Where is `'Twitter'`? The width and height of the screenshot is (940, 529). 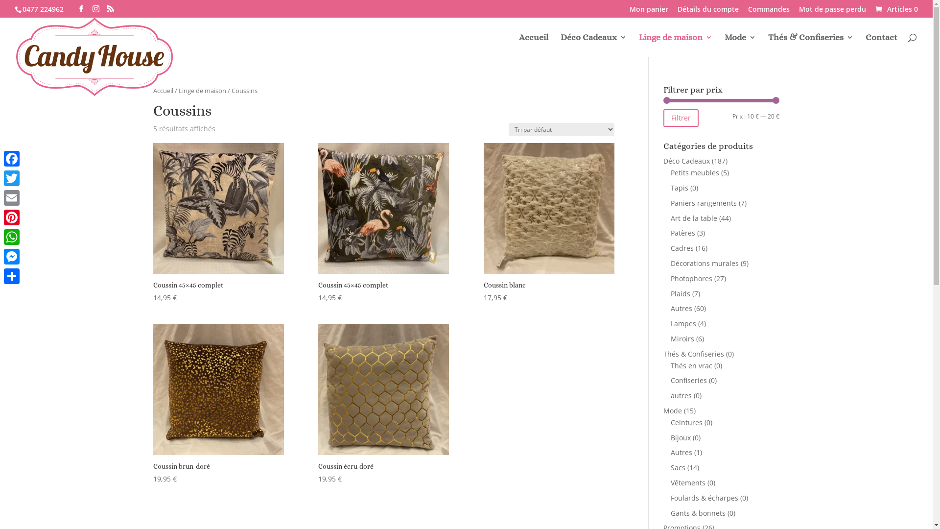
'Twitter' is located at coordinates (12, 178).